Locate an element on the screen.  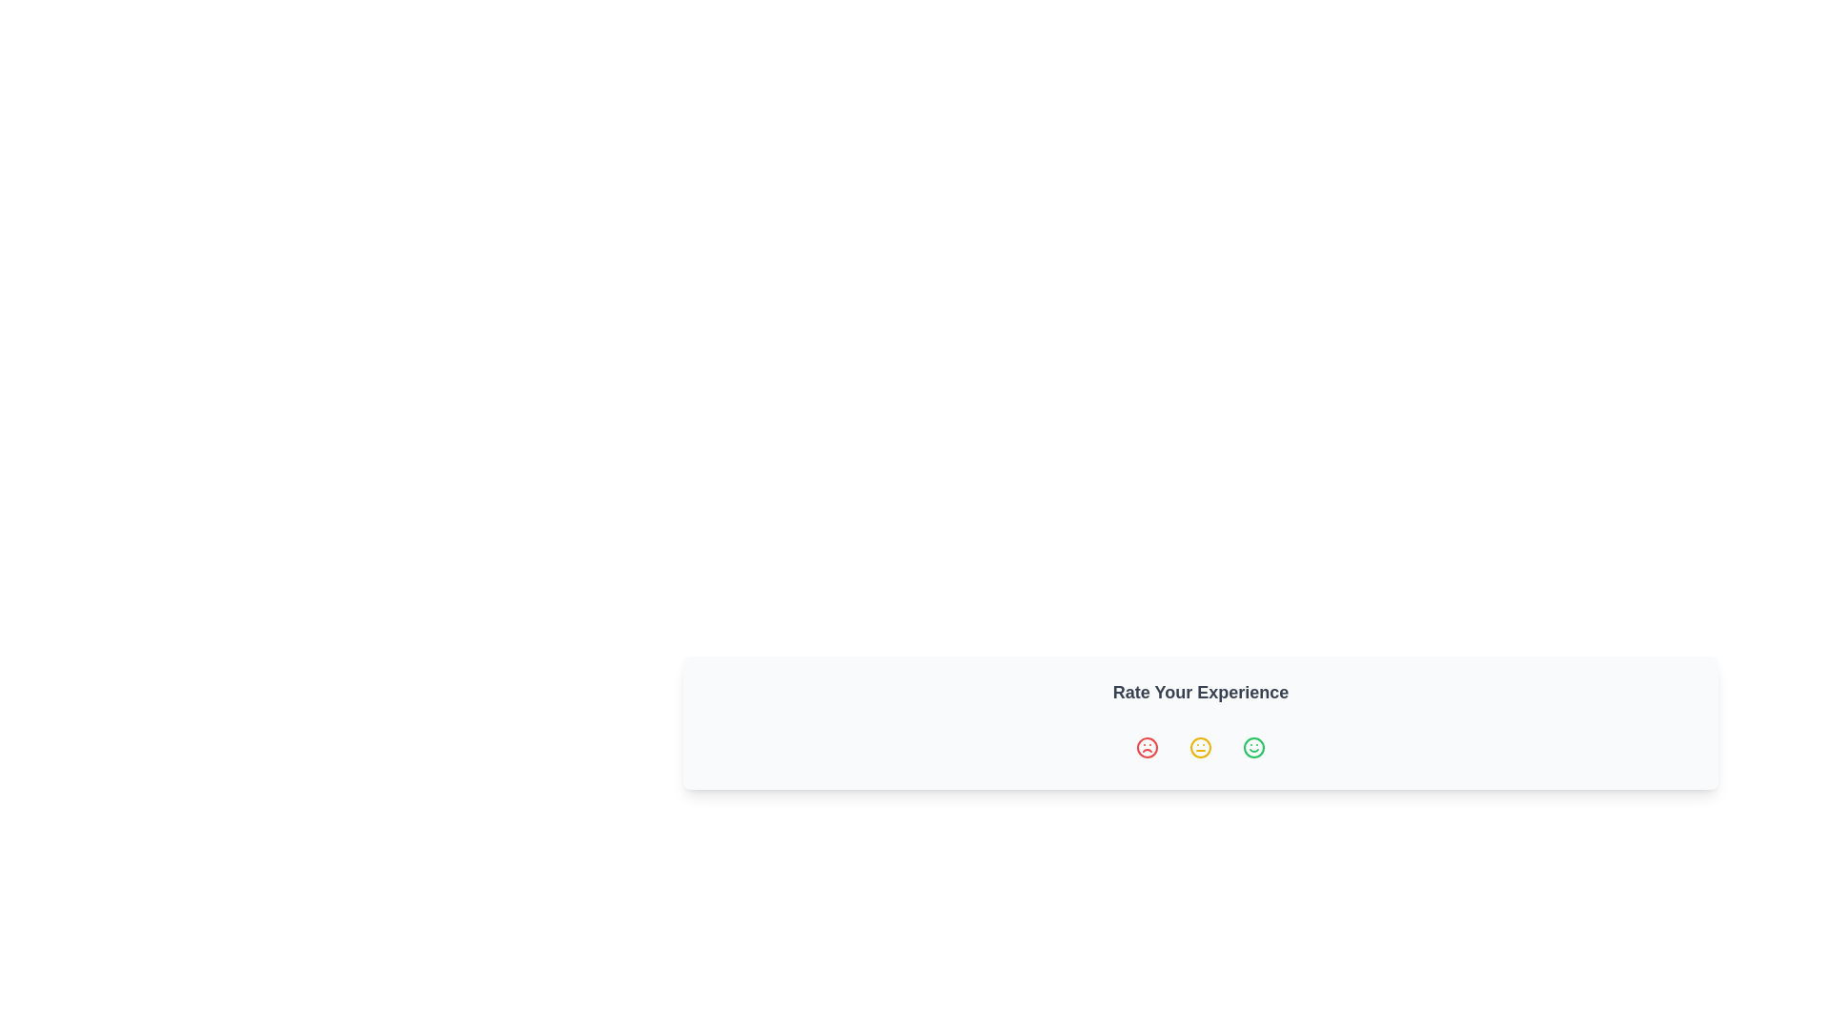
the circular button with a yellow outline and a neutral face icon in the center is located at coordinates (1199, 747).